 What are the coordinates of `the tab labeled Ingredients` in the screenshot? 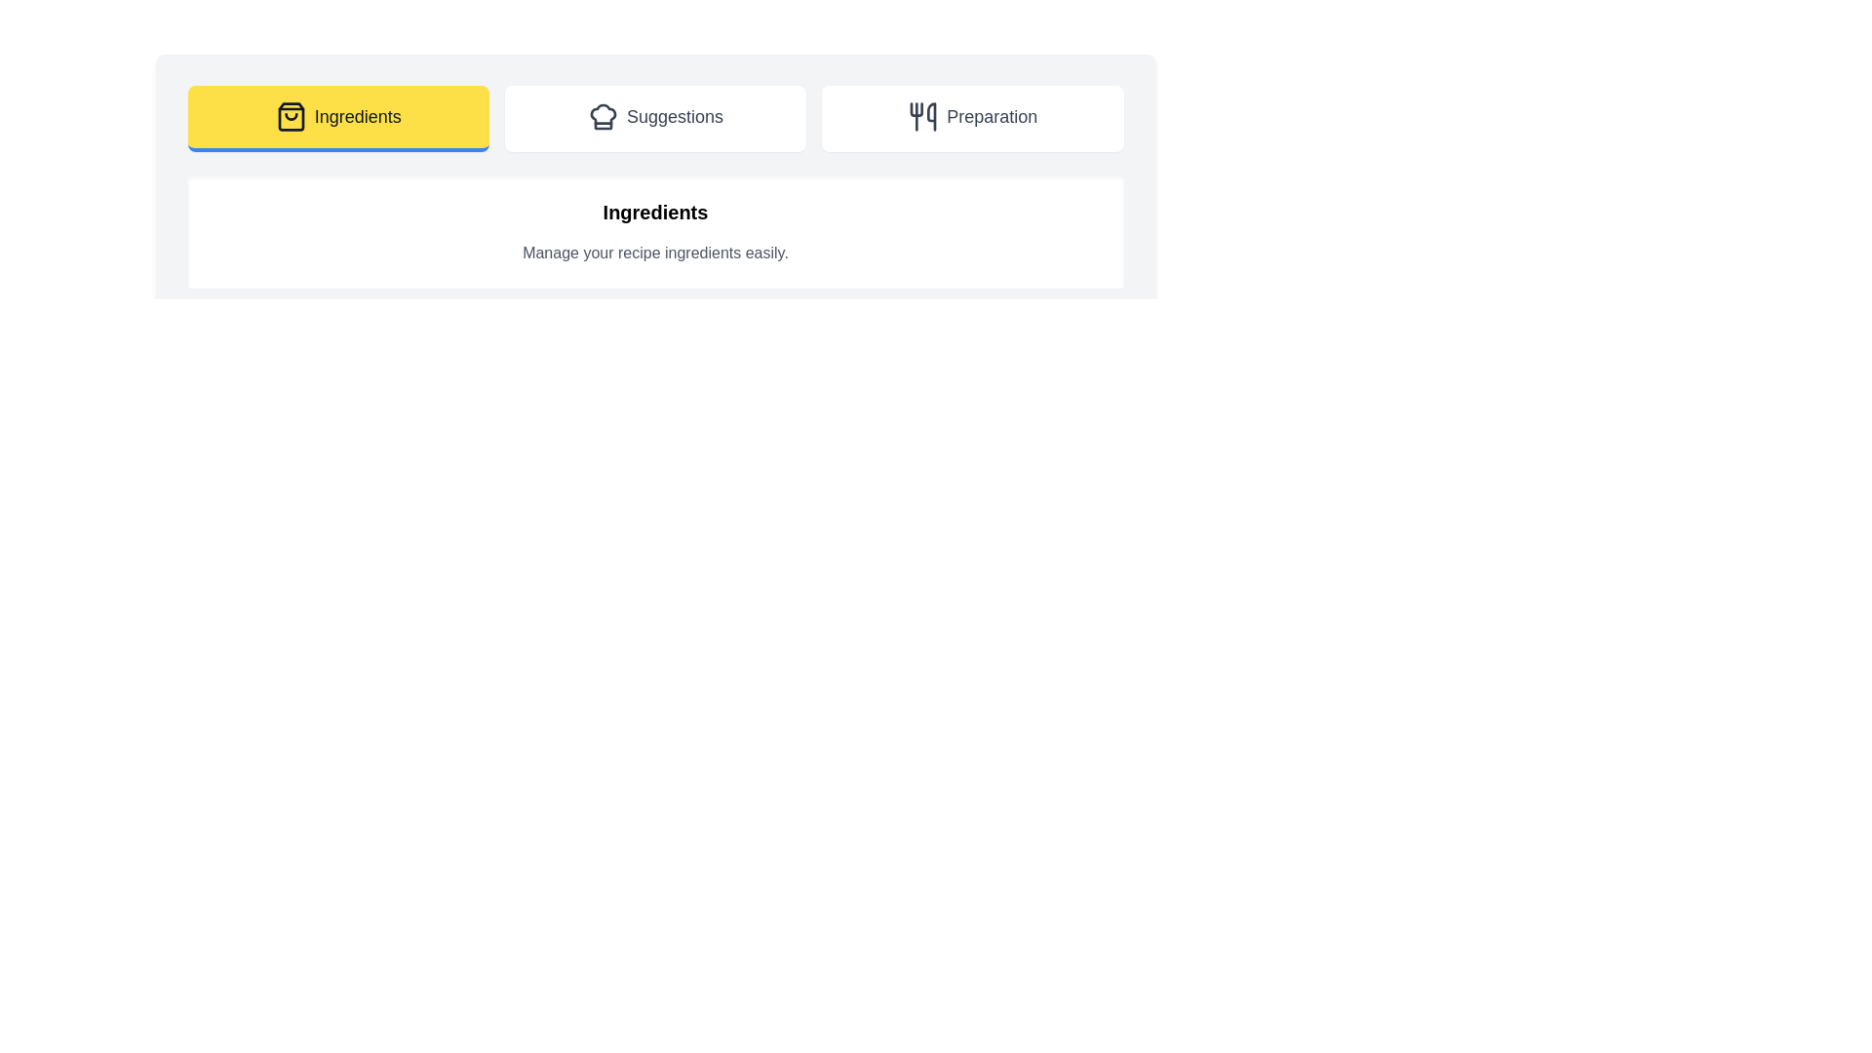 It's located at (337, 119).